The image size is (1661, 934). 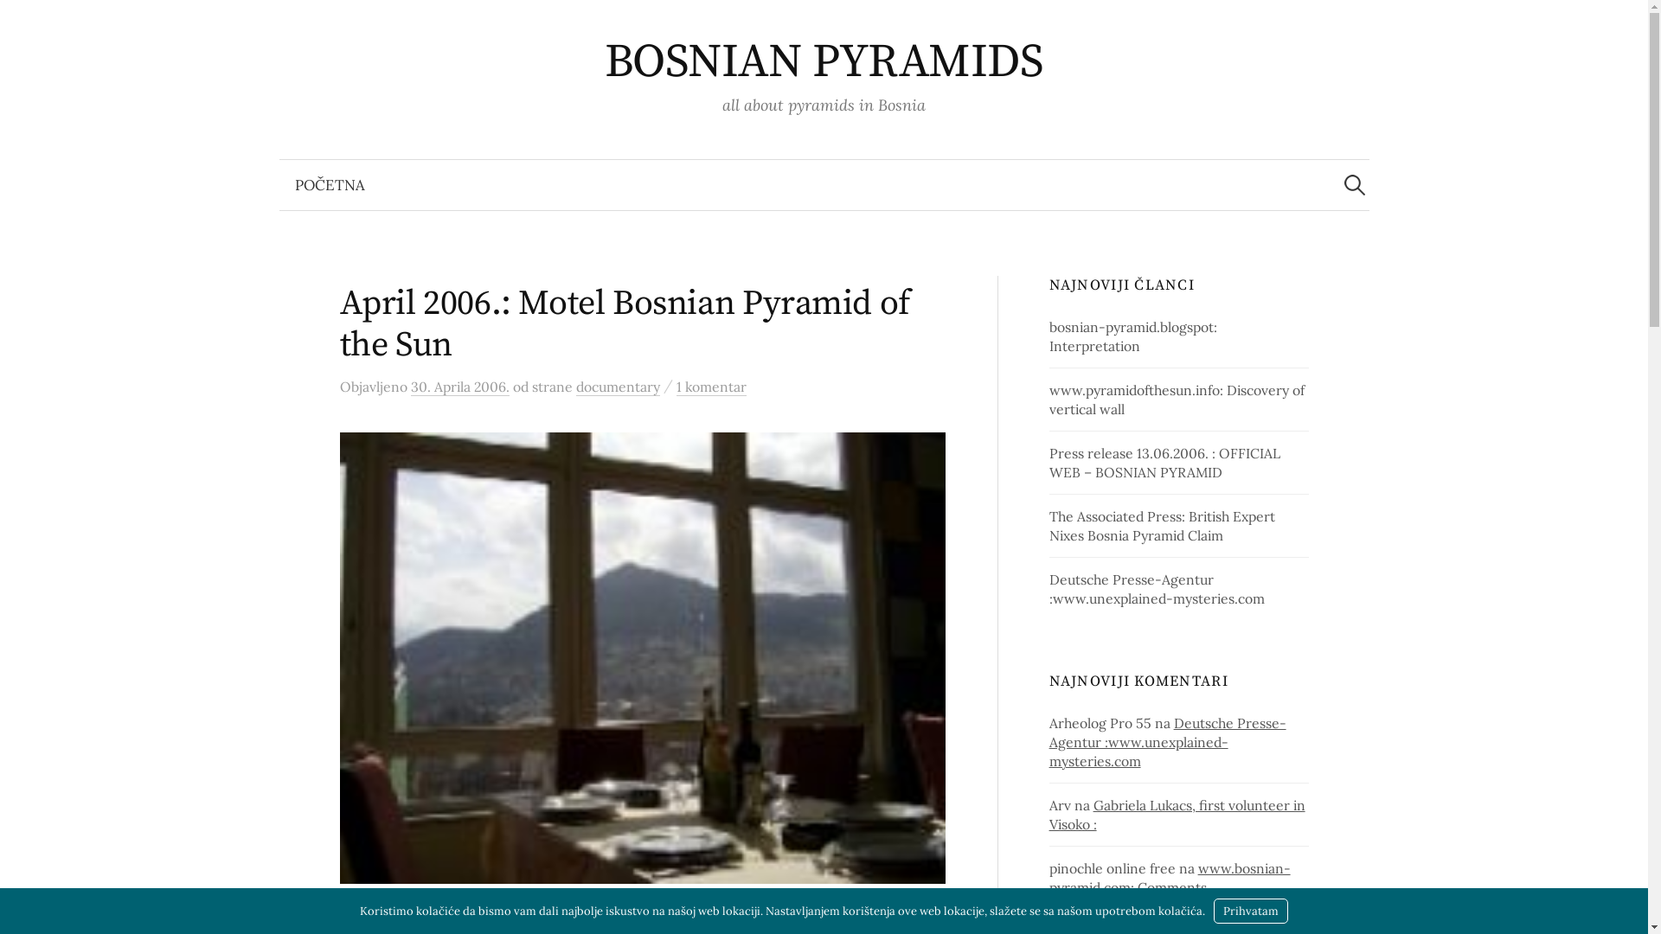 I want to click on 'www.bosnian-pyramid.com: Comments', so click(x=1170, y=877).